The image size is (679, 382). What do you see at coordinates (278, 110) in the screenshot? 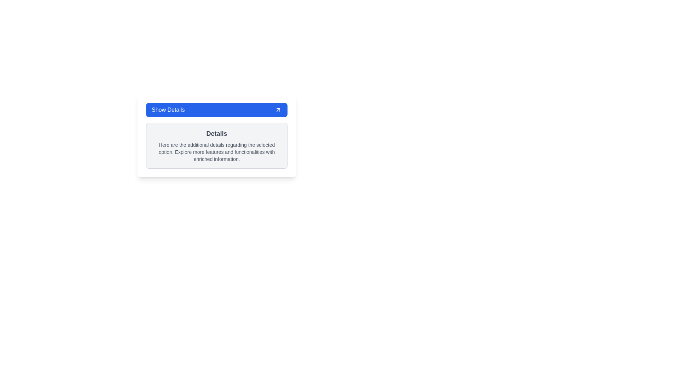
I see `the small white arrow icon pointing diagonally upwards to the right, which is located at the far-right end of the blue button labeled 'Show Details'` at bounding box center [278, 110].